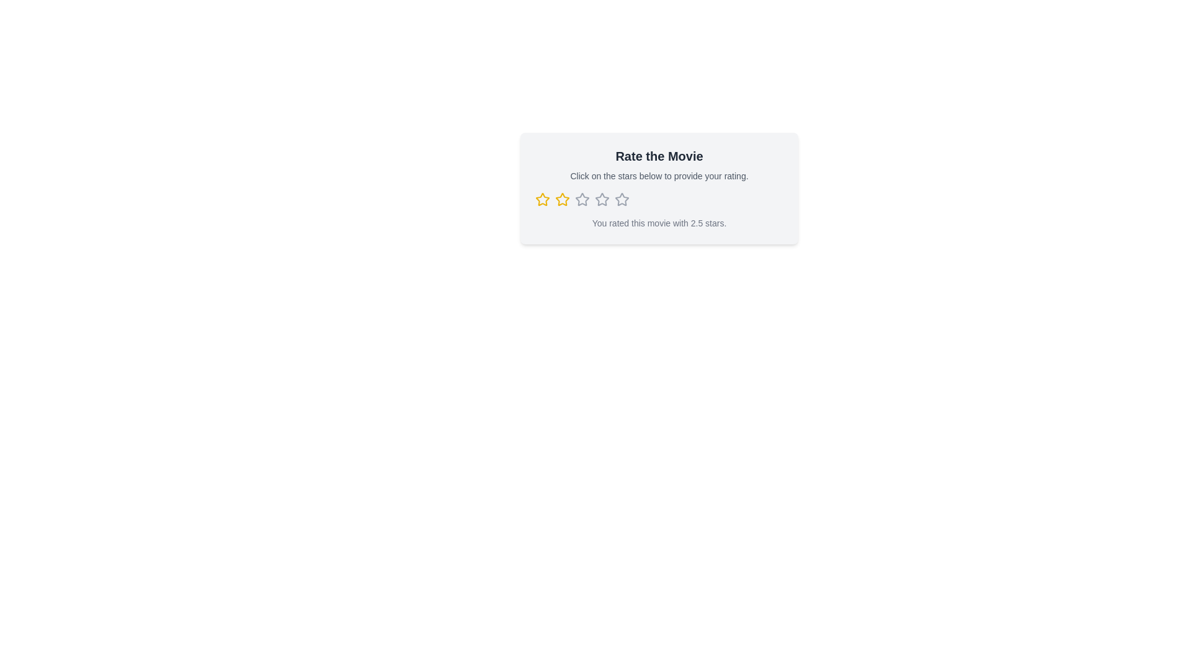 The height and width of the screenshot is (670, 1191). Describe the element at coordinates (602, 199) in the screenshot. I see `the third star in the row of five stars representing a rating component` at that location.